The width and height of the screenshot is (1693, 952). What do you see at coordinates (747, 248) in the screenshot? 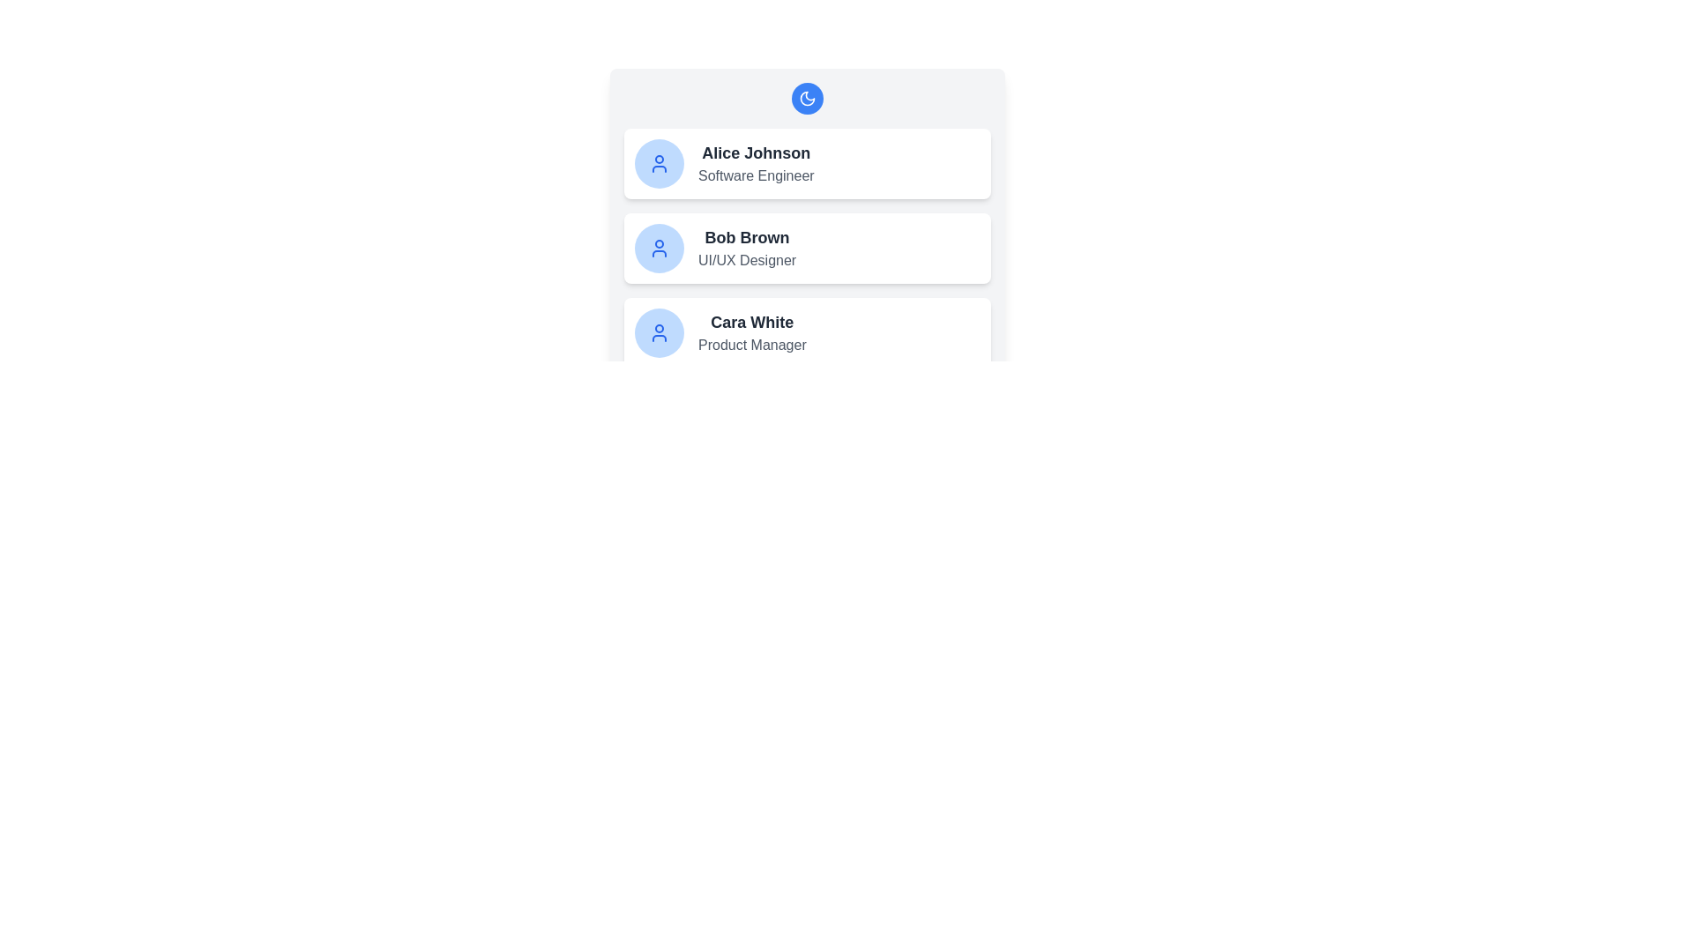
I see `on the Text Display element showing 'Bob Brown' and 'UI/UX Designer', which is the second card in a vertically stacked list of user profiles` at bounding box center [747, 248].